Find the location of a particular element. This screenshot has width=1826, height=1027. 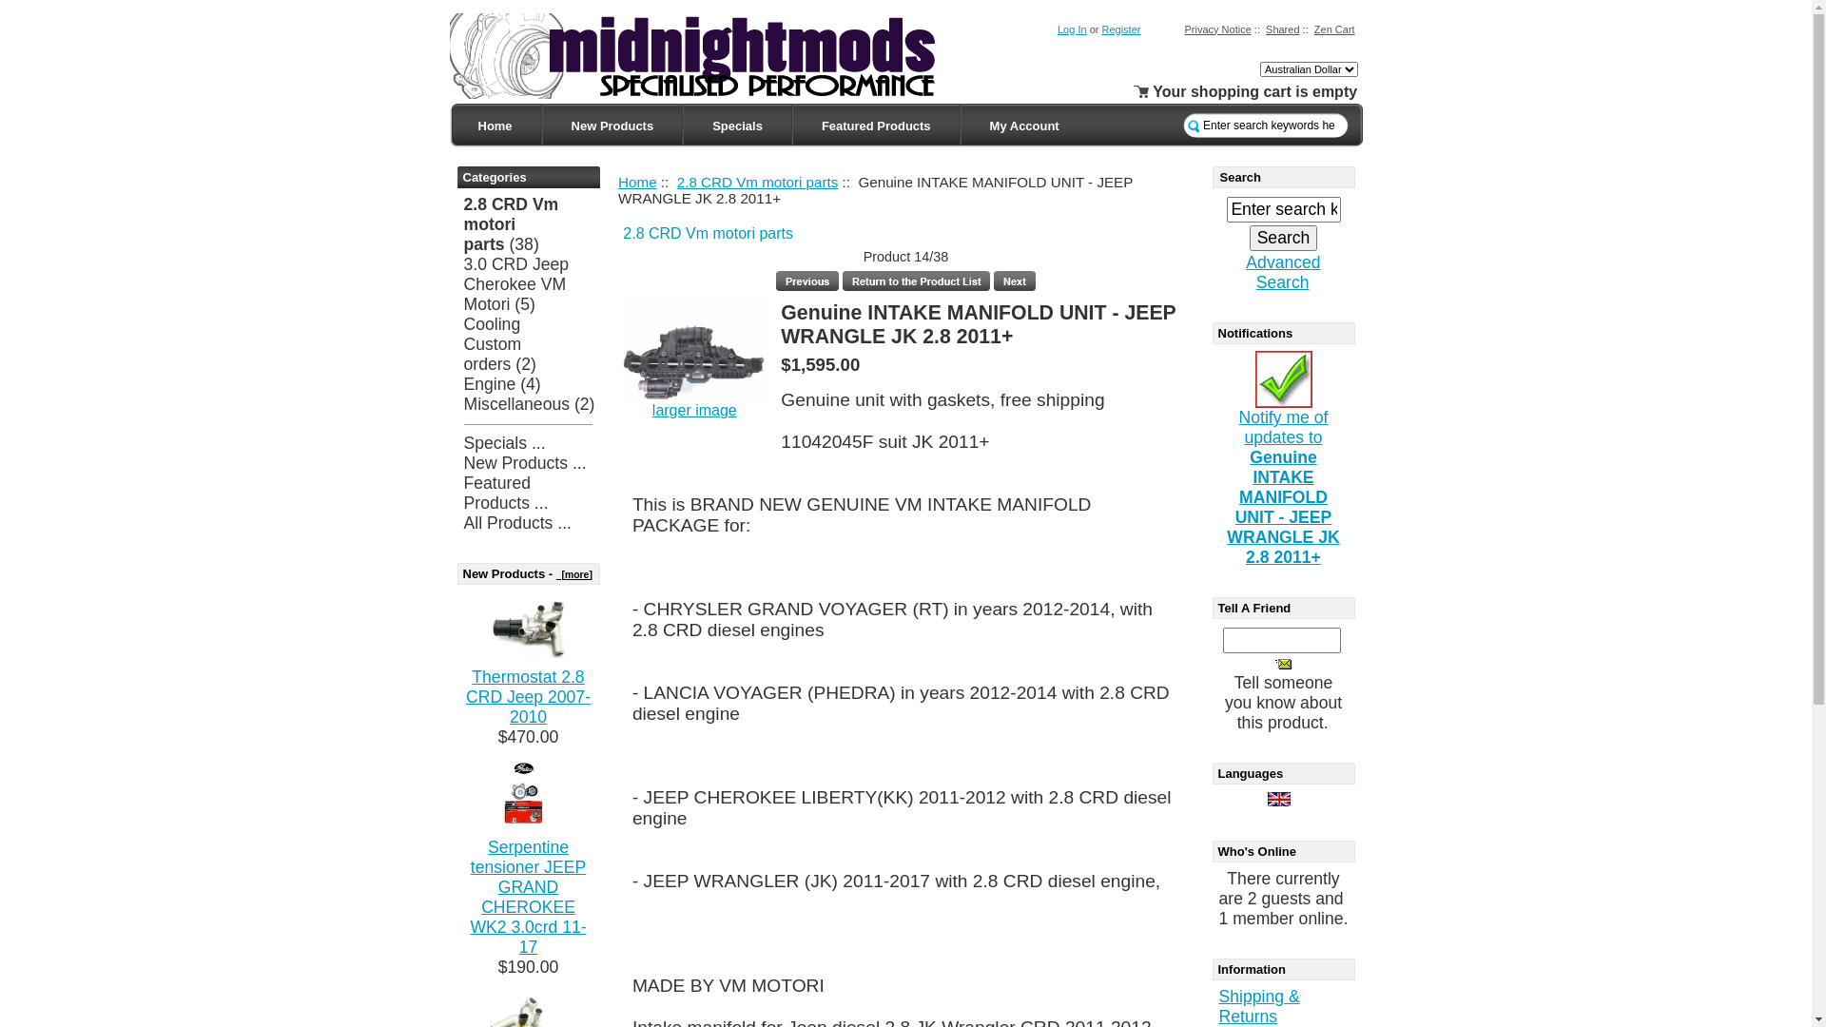

' Previous ' is located at coordinates (807, 281).